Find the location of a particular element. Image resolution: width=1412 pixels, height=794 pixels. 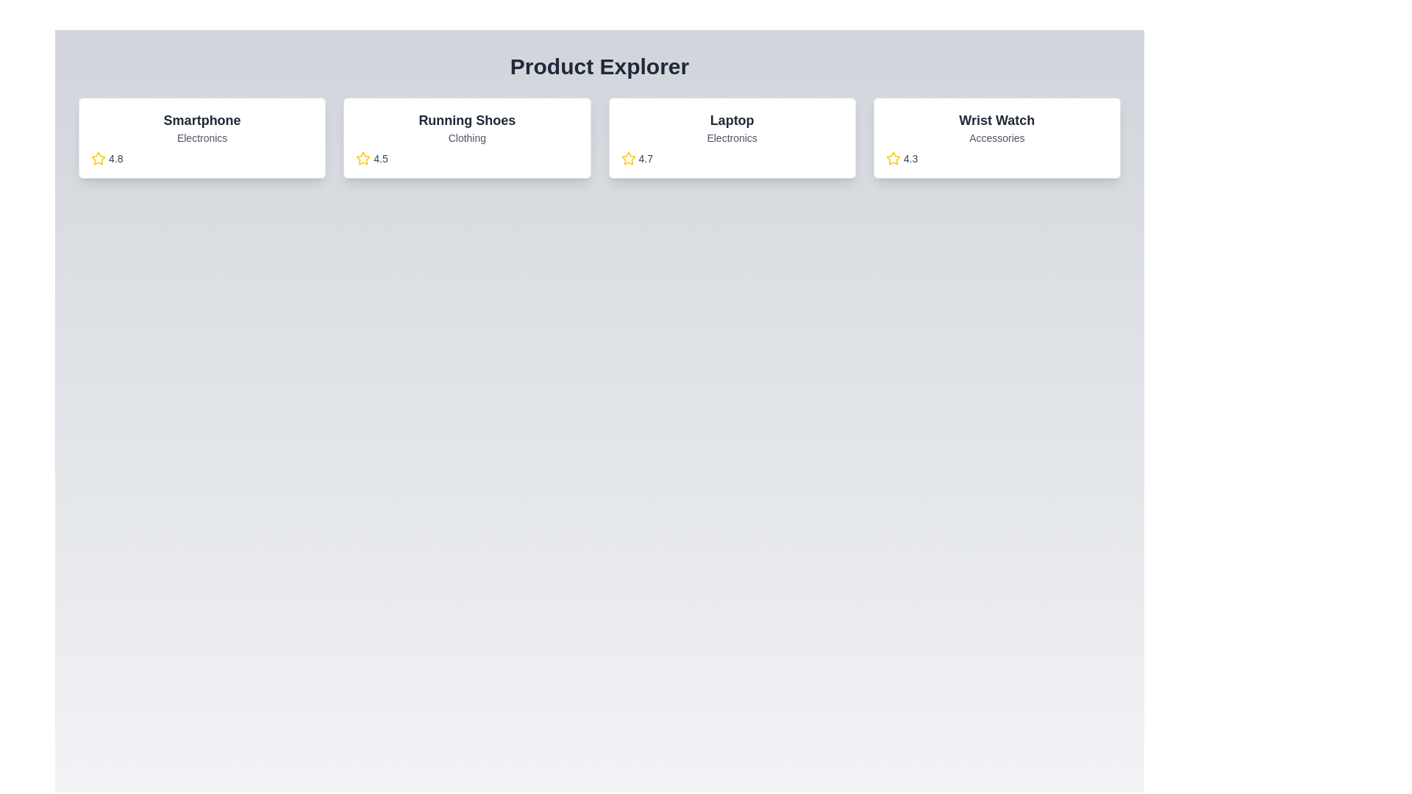

rating value displayed as '4.7', which is a smaller gray text label located directly to the right of a yellow star icon within the card titled 'Laptop' is located at coordinates (646, 159).